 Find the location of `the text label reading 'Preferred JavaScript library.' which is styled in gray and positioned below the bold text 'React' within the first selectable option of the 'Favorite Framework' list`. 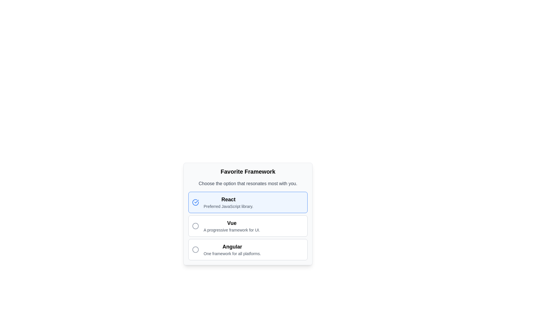

the text label reading 'Preferred JavaScript library.' which is styled in gray and positioned below the bold text 'React' within the first selectable option of the 'Favorite Framework' list is located at coordinates (228, 206).